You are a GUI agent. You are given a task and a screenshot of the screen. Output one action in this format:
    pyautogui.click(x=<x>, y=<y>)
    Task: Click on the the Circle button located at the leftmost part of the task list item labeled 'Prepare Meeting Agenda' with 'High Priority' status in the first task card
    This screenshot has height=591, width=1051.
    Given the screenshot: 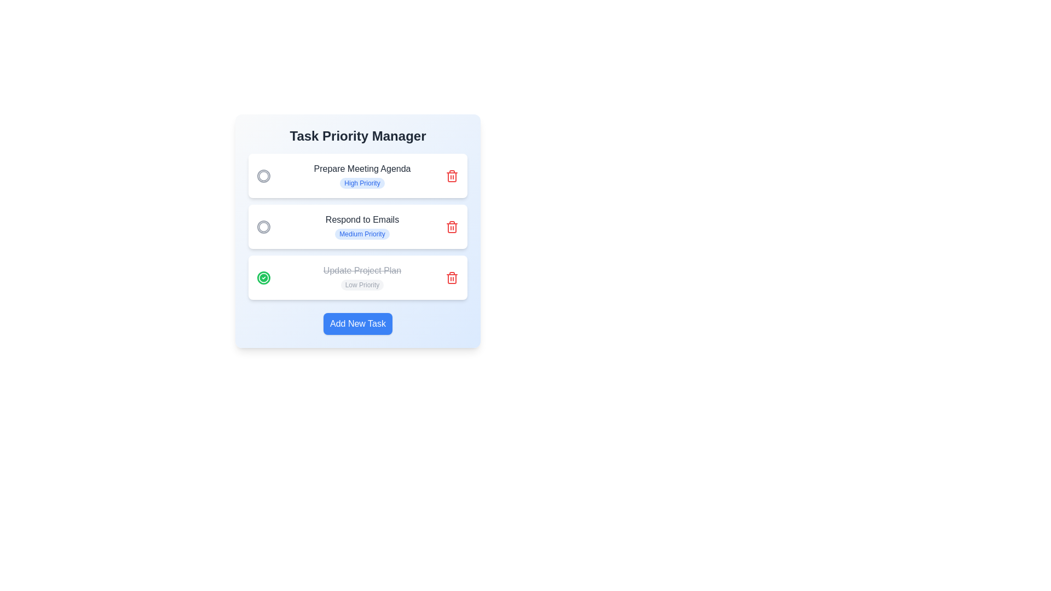 What is the action you would take?
    pyautogui.click(x=263, y=175)
    